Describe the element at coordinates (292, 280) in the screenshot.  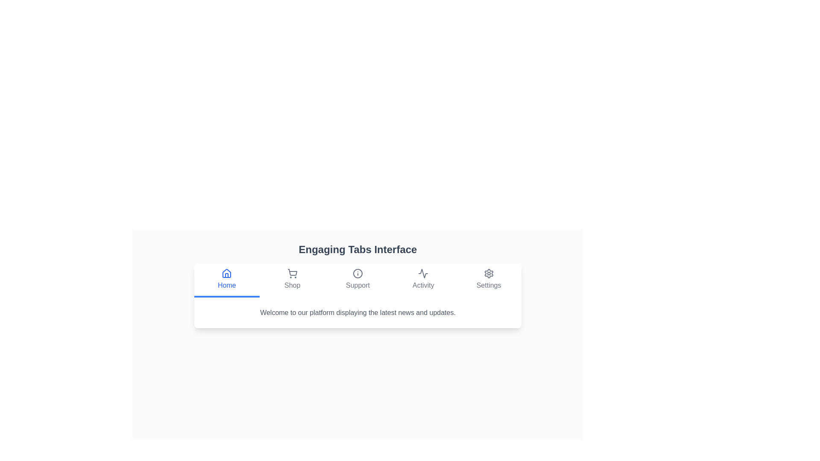
I see `the second tab navigation item that accesses the shopping section` at that location.